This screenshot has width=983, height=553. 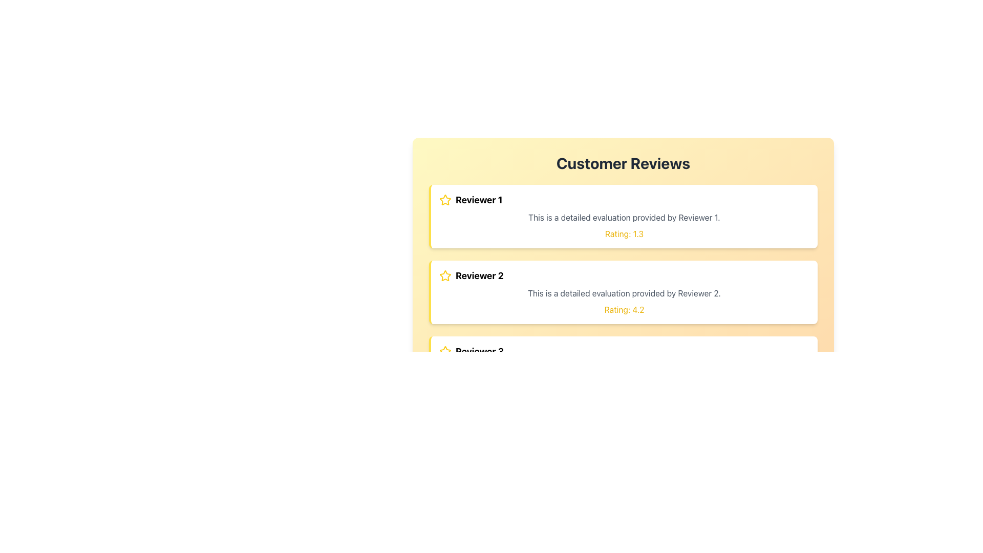 I want to click on attributes of the bold text label named 'Reviewer 3', which is prominently displayed in a larger font under the 'Customer Reviews' section, so click(x=479, y=351).